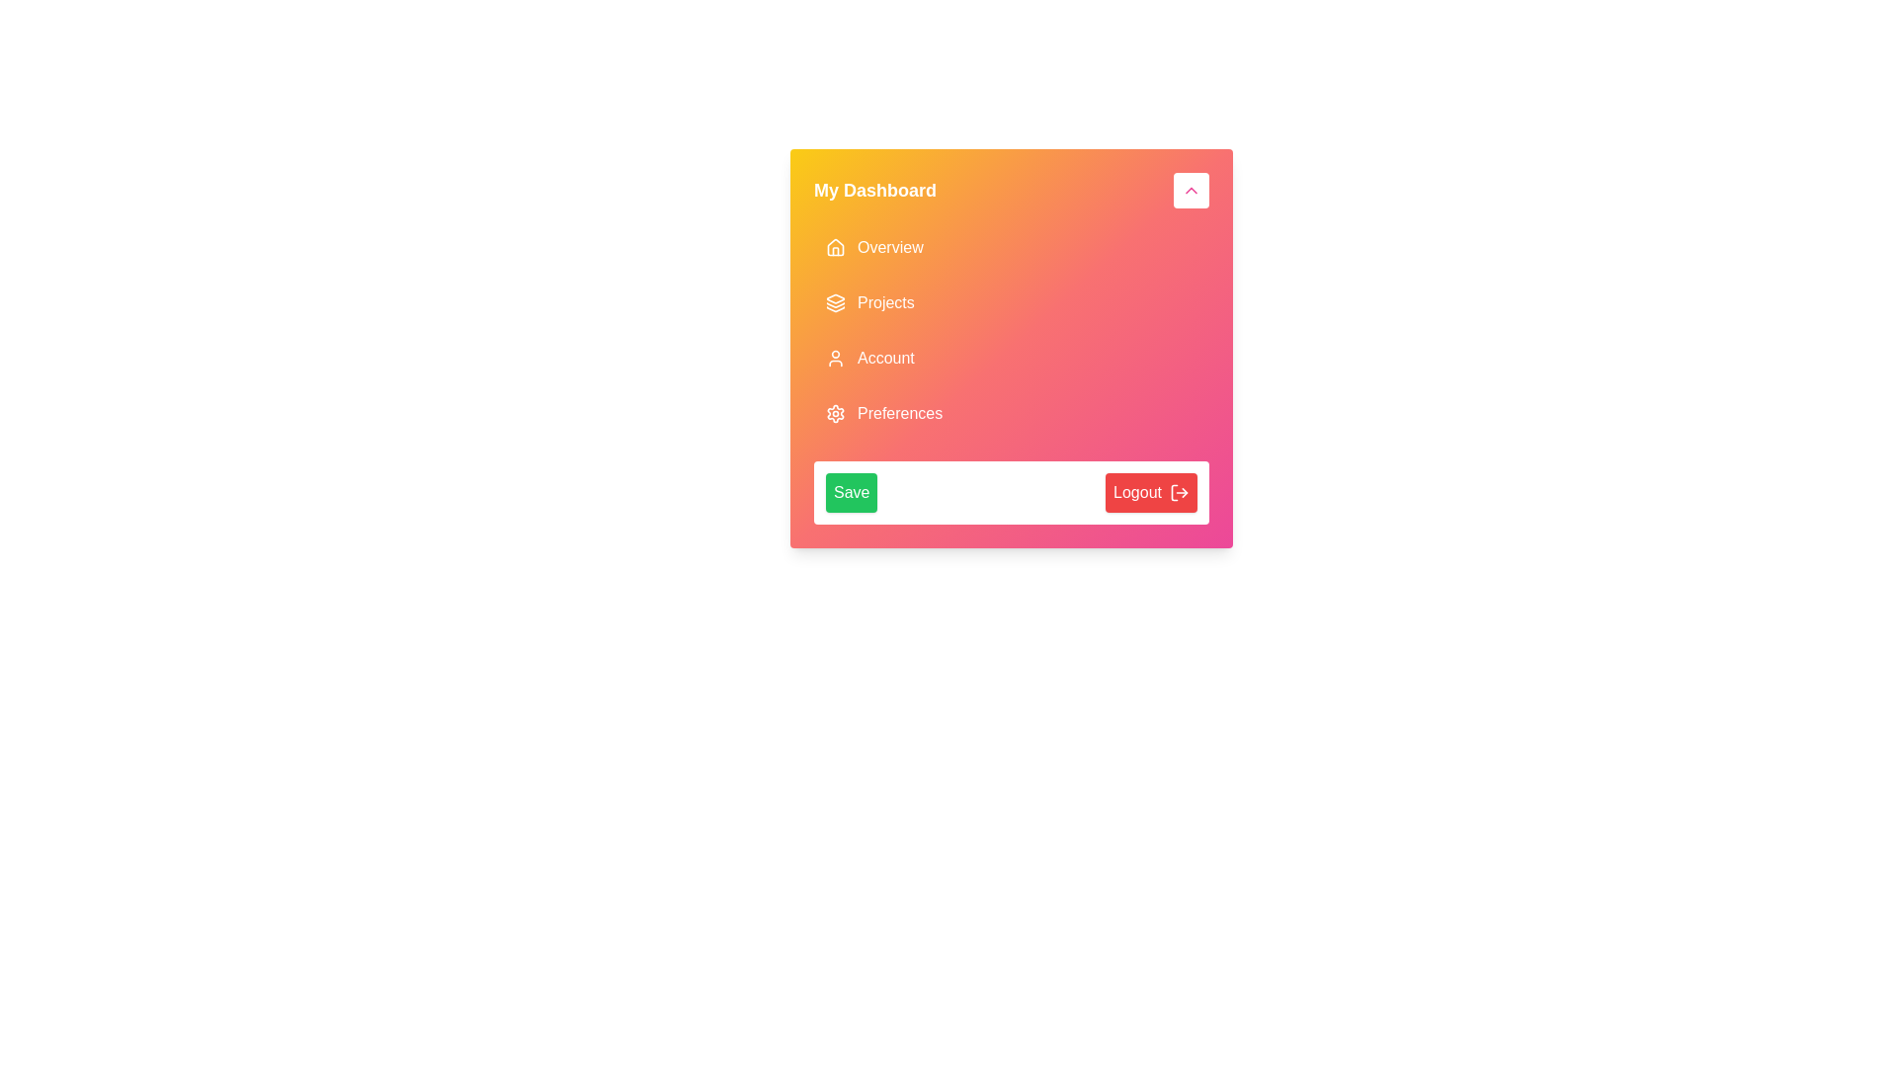 This screenshot has width=1897, height=1067. I want to click on the button located in the top-right corner of the 'My Dashboard' section to change its background color, so click(1190, 190).